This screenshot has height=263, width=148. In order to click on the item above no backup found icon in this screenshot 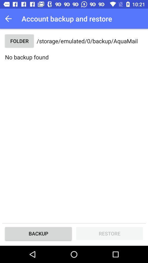, I will do `click(19, 41)`.